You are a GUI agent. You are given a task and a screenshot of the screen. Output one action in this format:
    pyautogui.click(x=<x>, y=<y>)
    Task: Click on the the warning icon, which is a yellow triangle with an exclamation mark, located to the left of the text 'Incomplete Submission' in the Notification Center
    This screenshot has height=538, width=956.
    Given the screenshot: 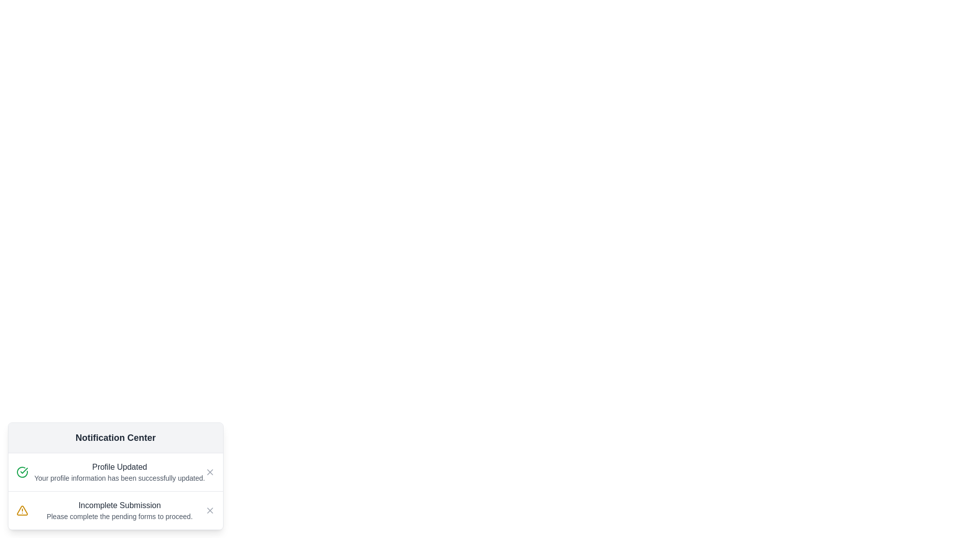 What is the action you would take?
    pyautogui.click(x=22, y=511)
    